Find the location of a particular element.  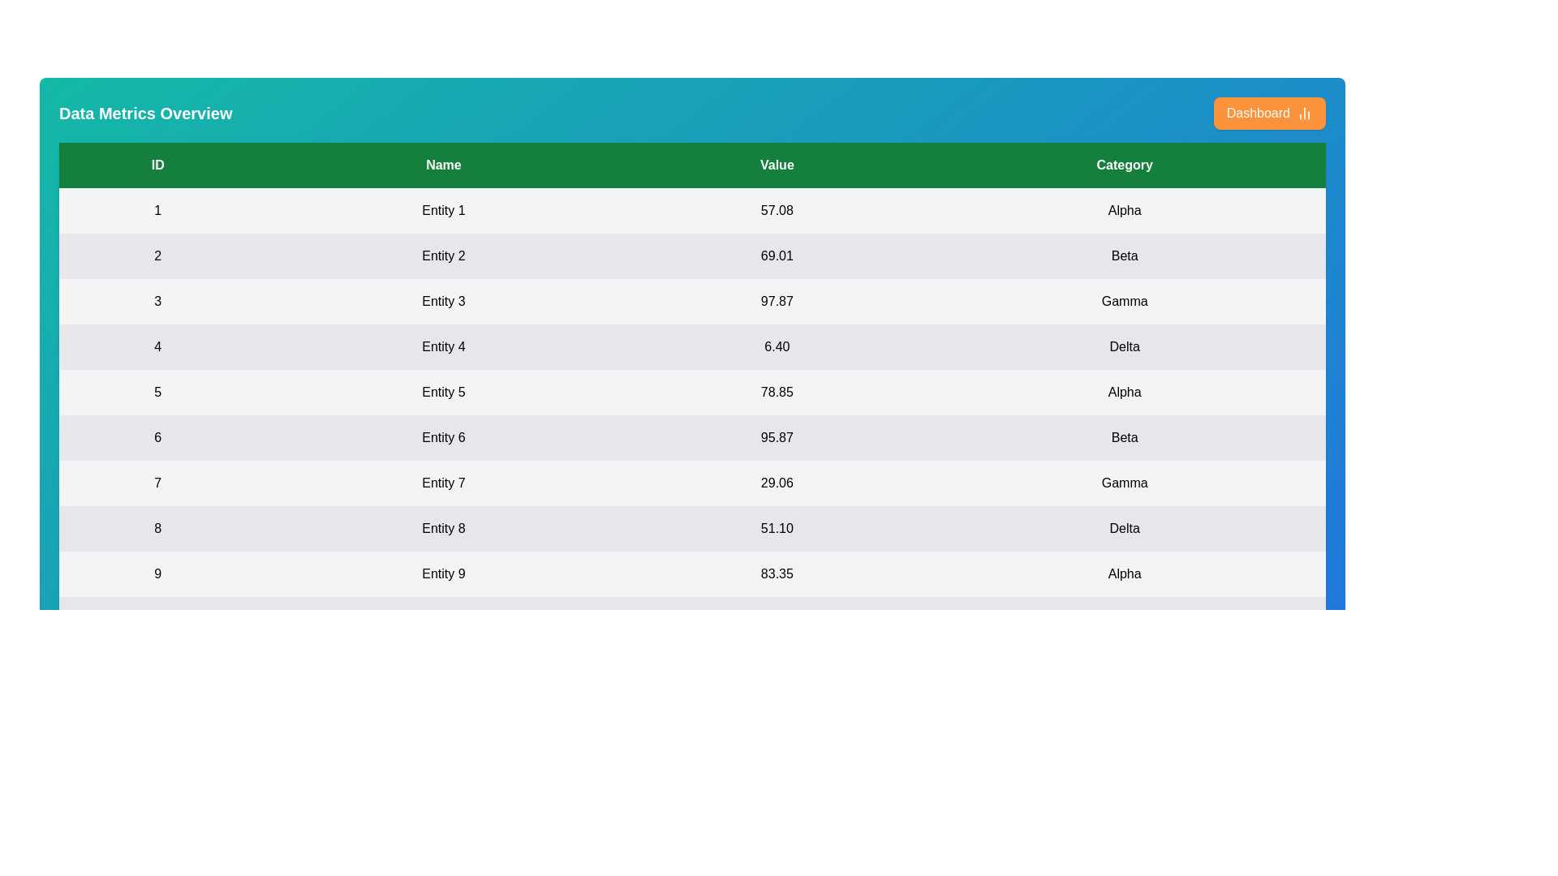

the row corresponding to 5 is located at coordinates (692, 392).